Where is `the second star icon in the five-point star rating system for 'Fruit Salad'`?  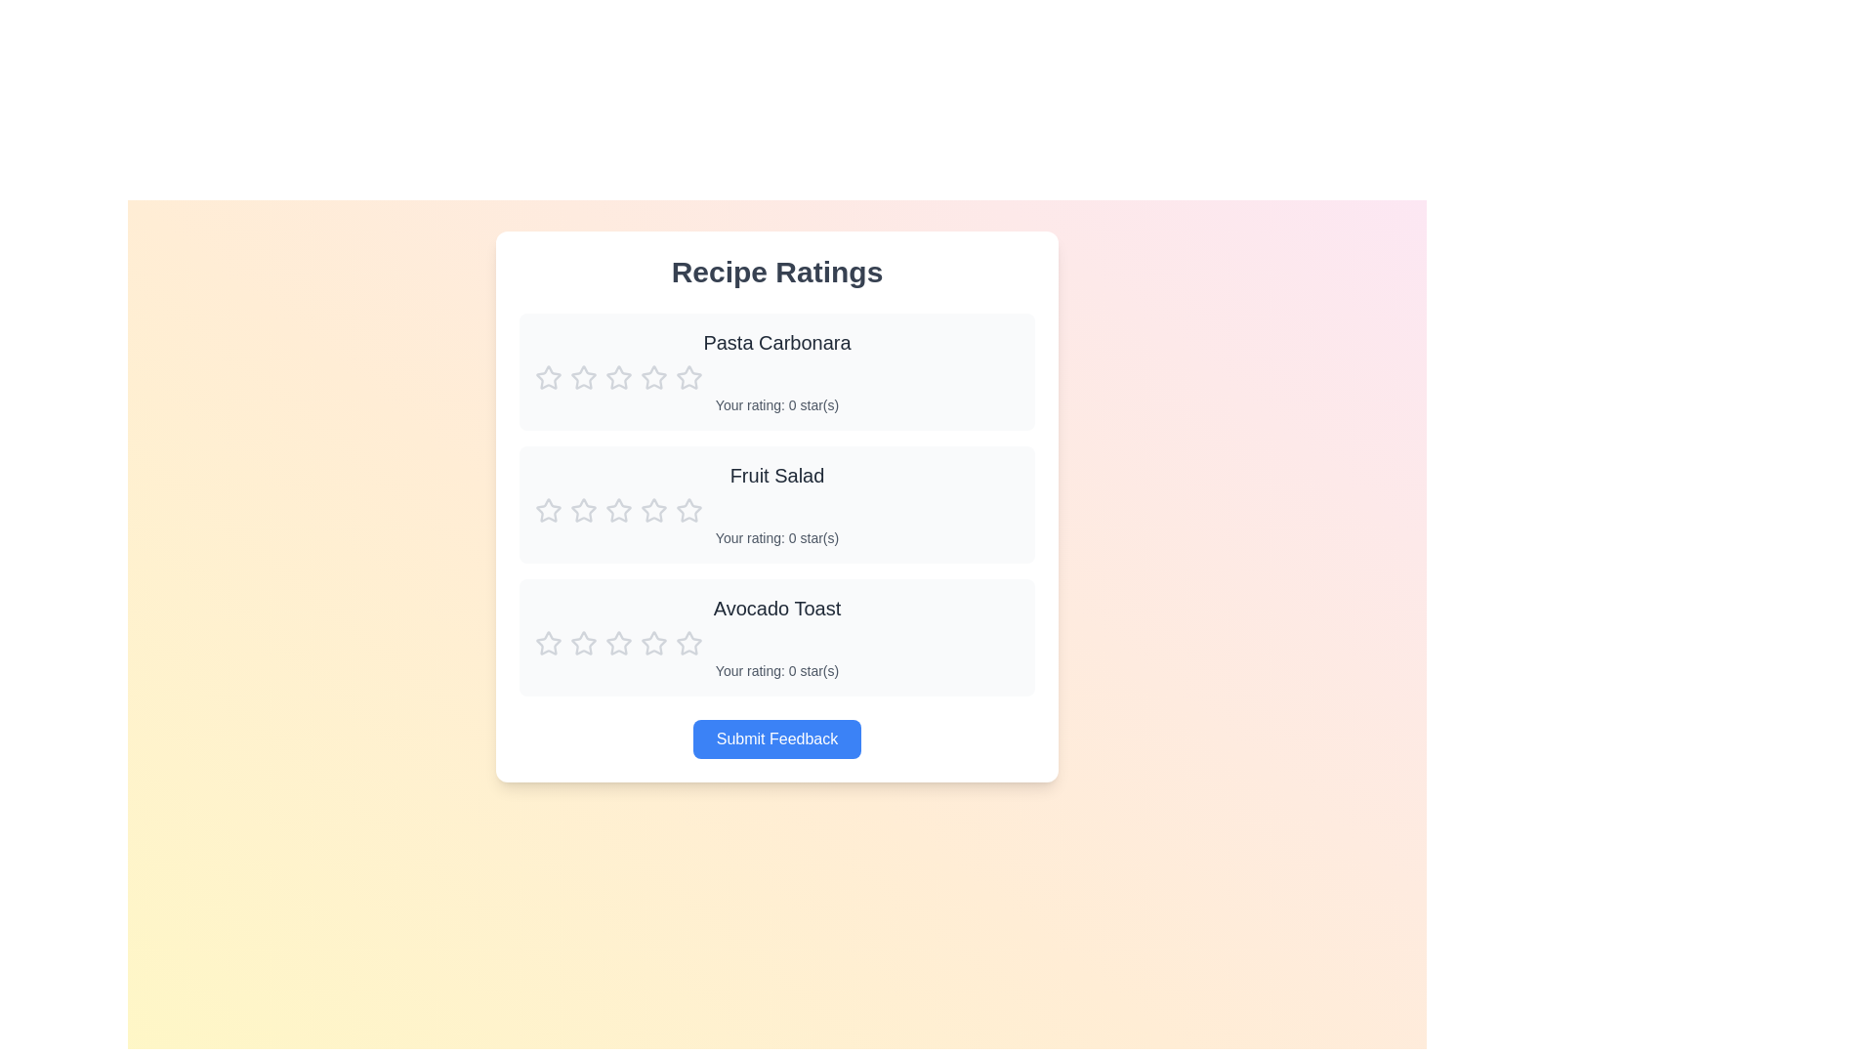
the second star icon in the five-point star rating system for 'Fruit Salad' is located at coordinates (617, 509).